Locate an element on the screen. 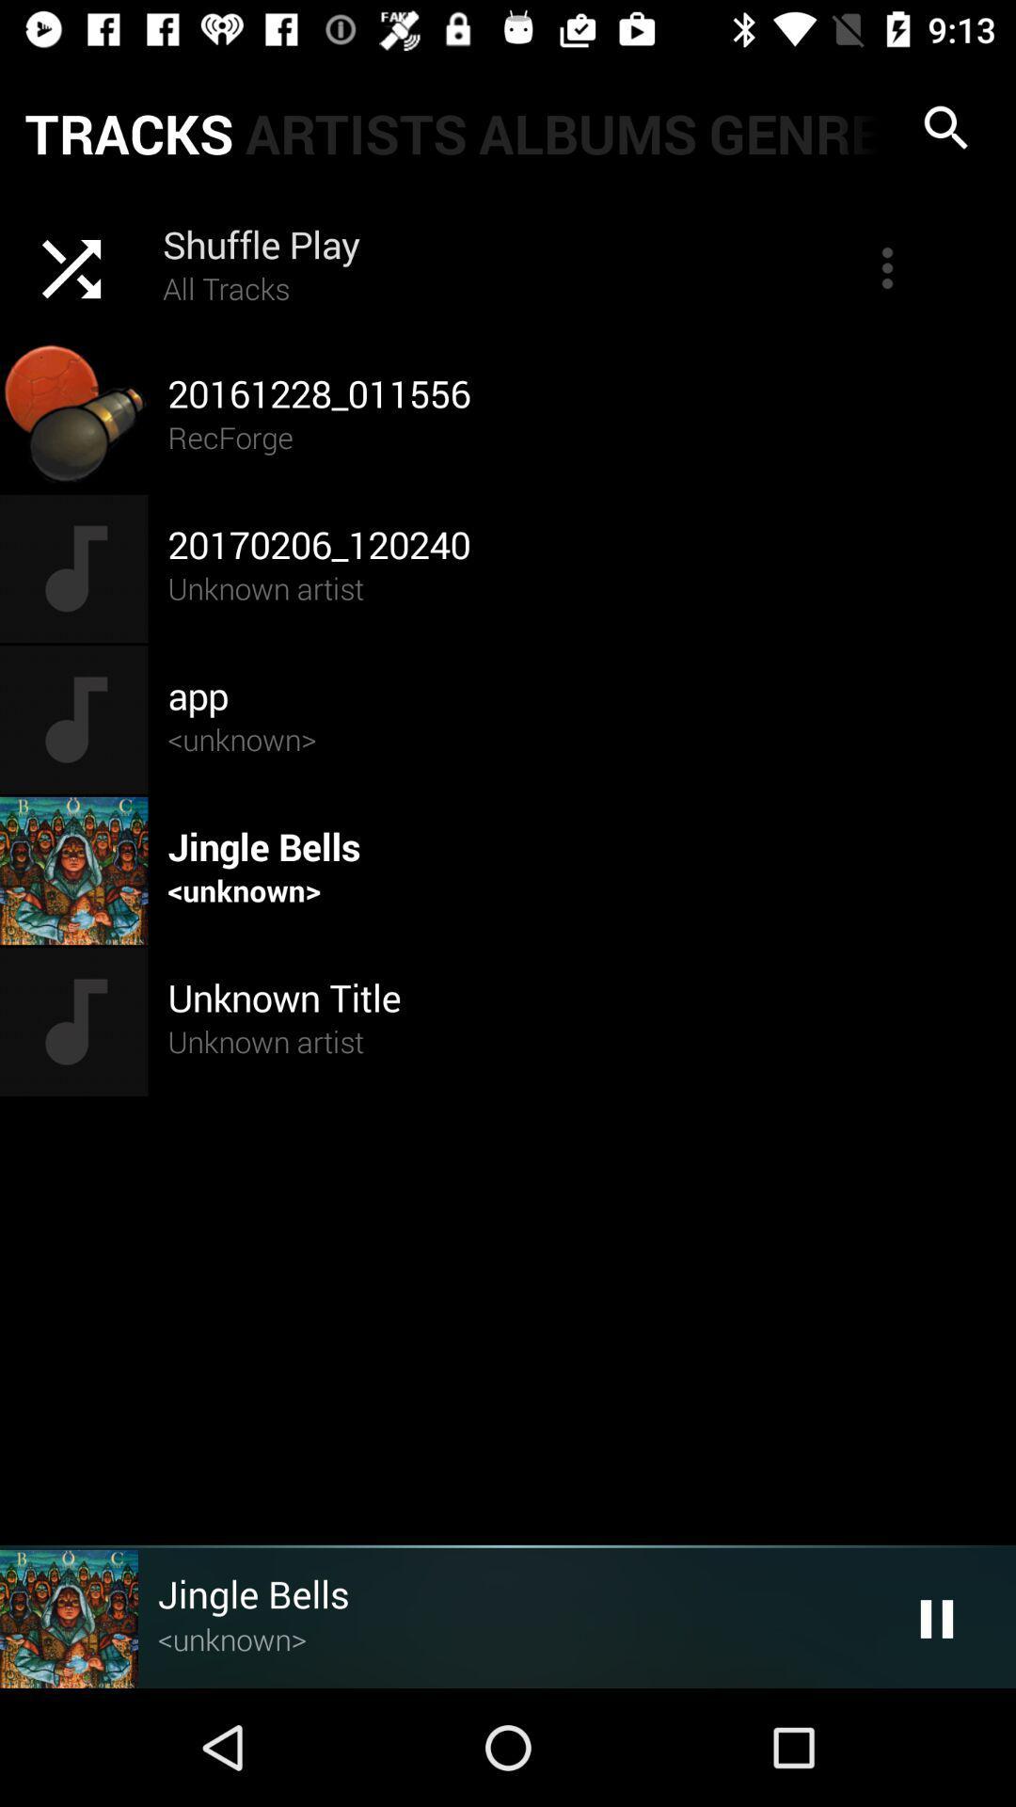 This screenshot has height=1807, width=1016. search icon is located at coordinates (946, 127).